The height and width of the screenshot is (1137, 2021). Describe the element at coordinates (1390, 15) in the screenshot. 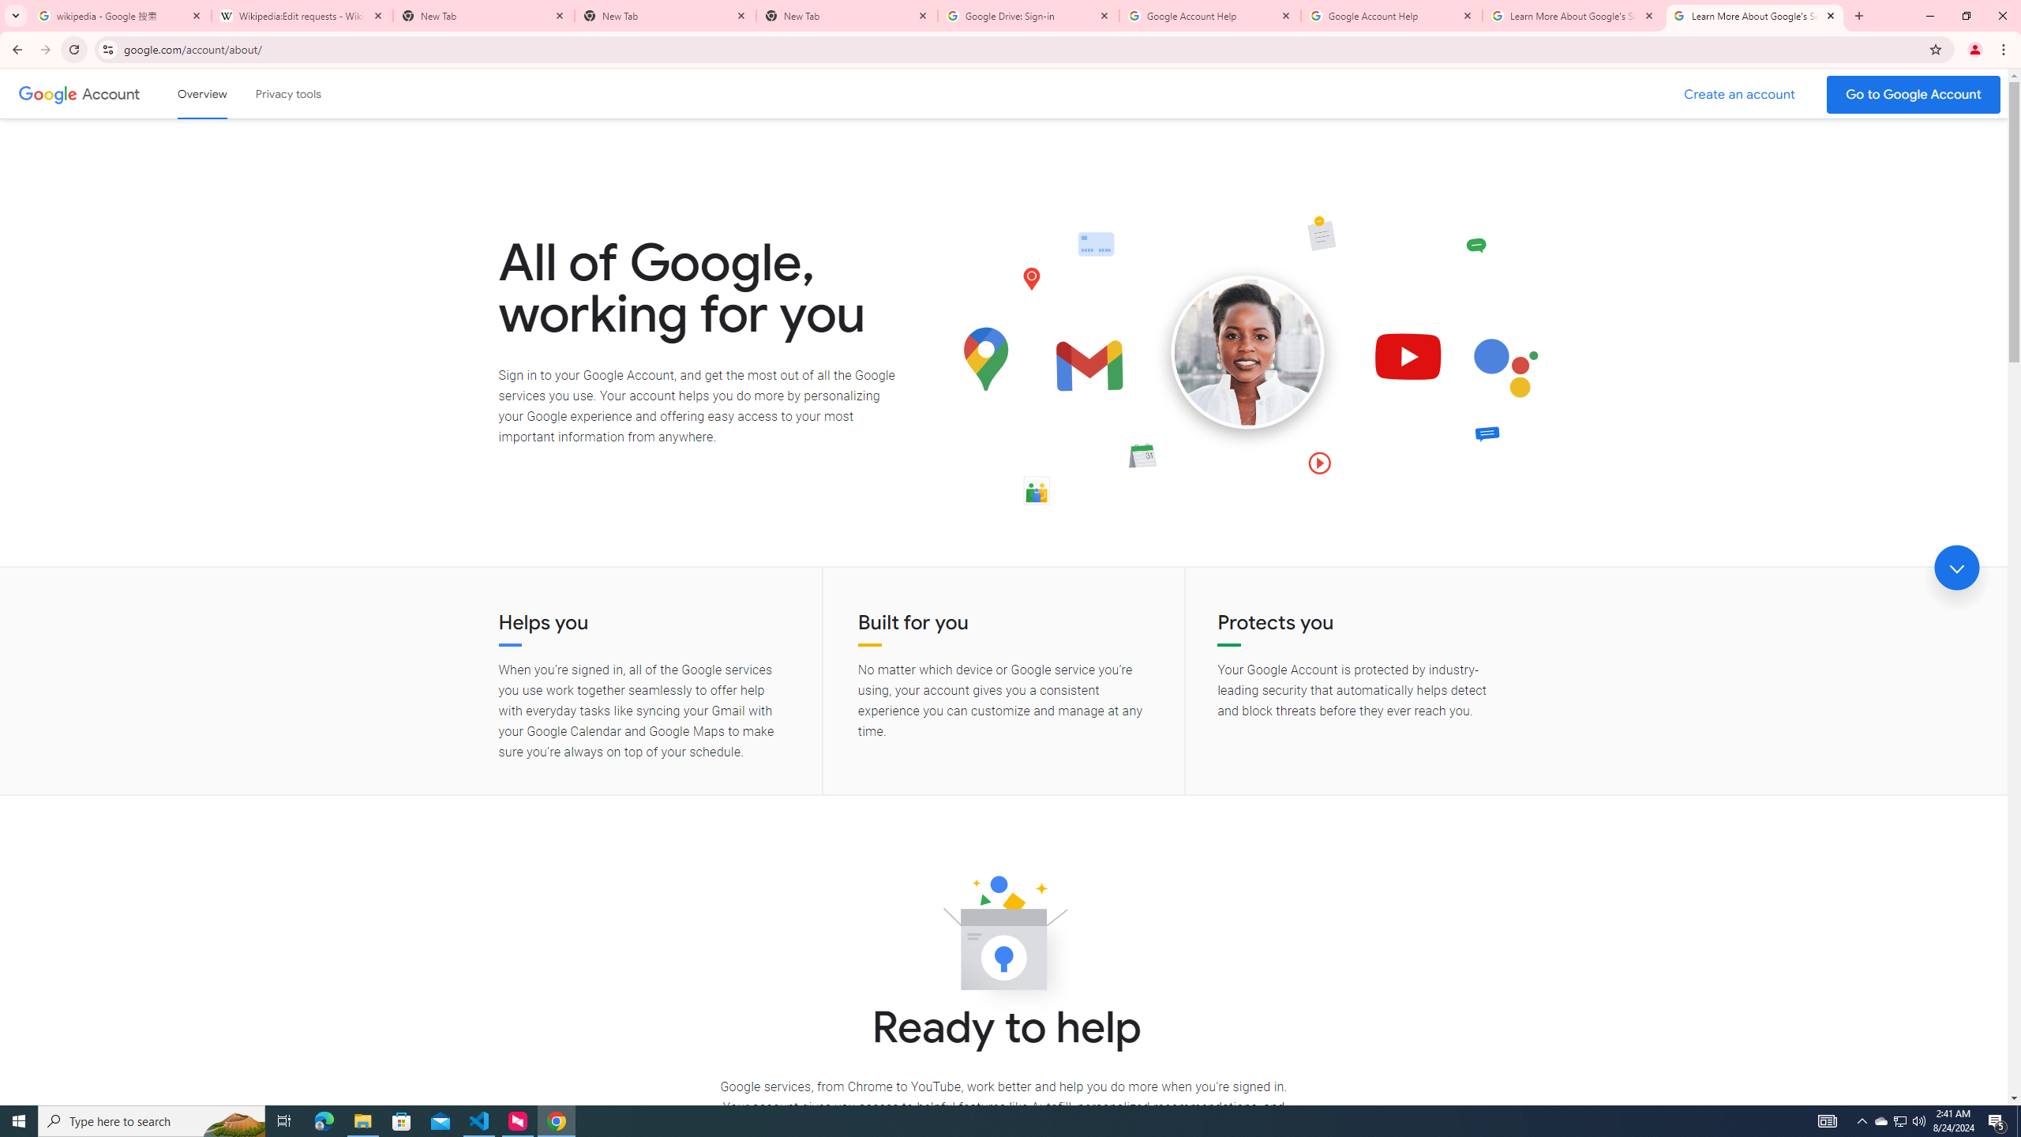

I see `'Google Account Help'` at that location.